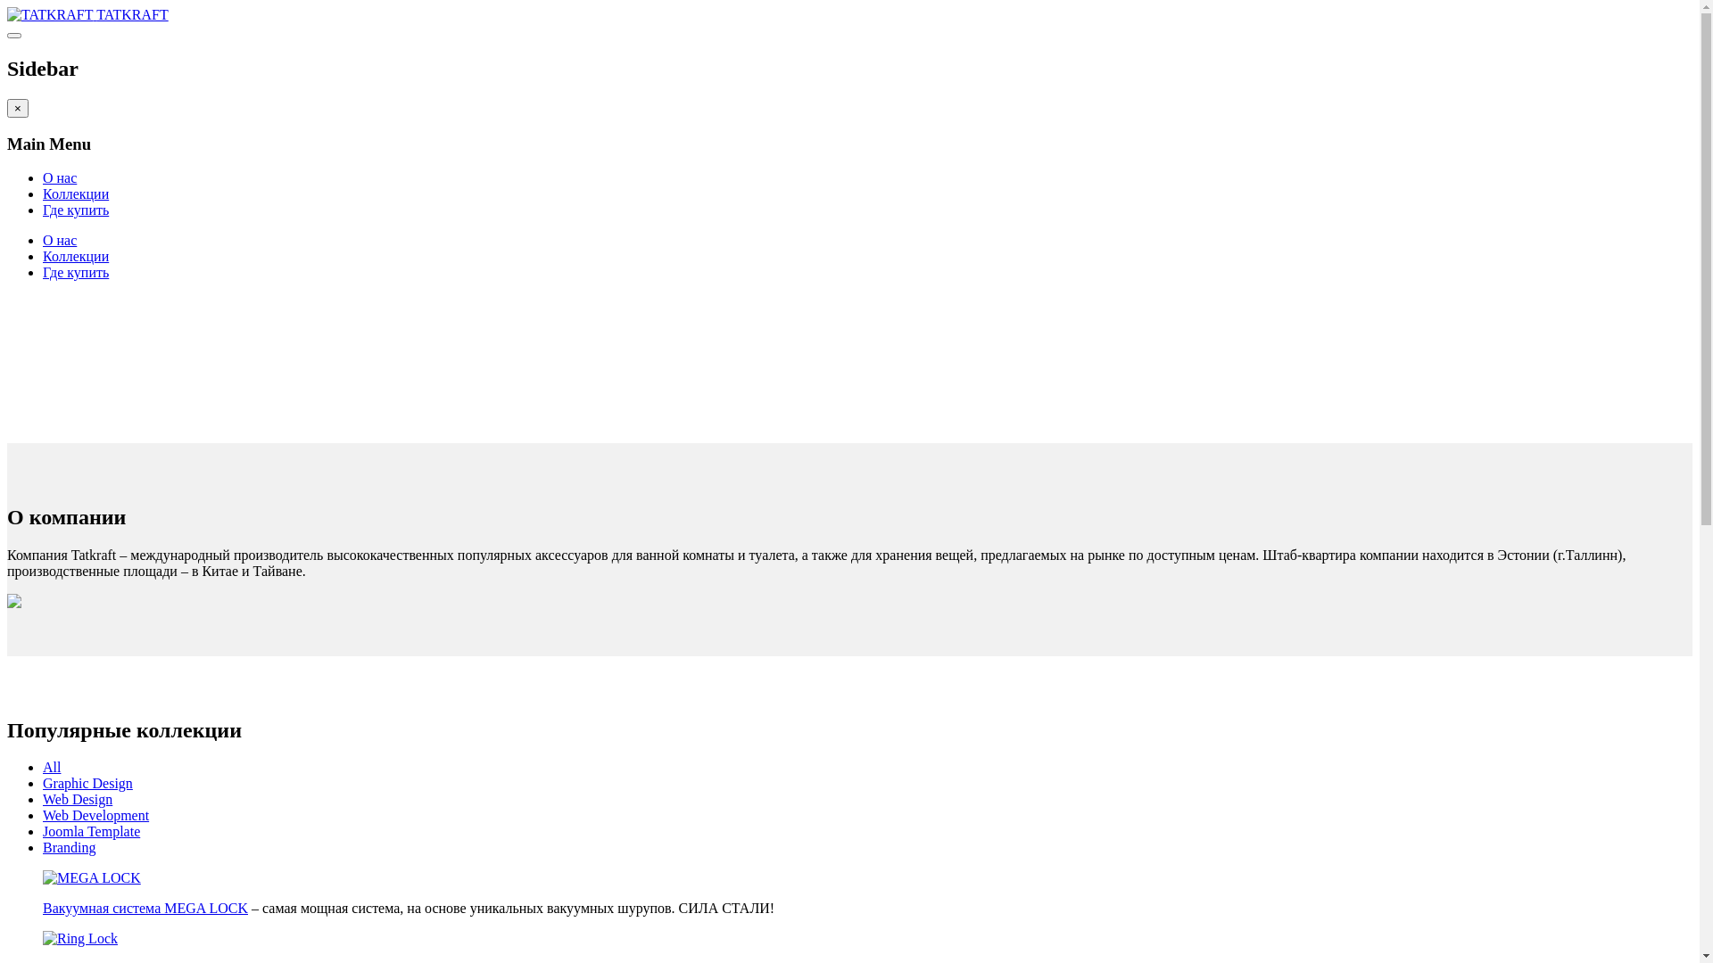  Describe the element at coordinates (76, 798) in the screenshot. I see `'Web Design'` at that location.